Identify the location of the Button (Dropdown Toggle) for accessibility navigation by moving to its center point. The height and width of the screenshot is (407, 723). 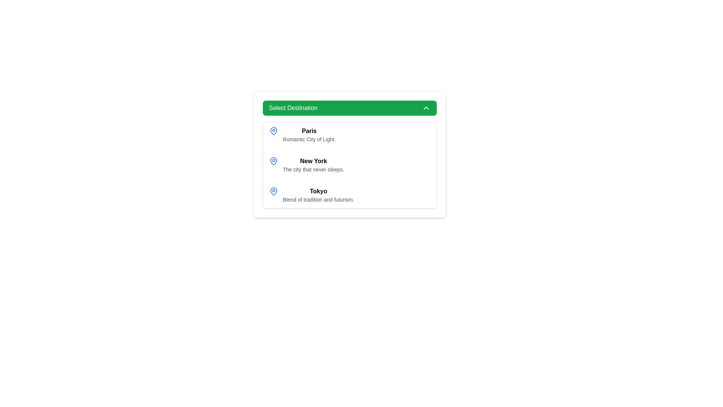
(349, 108).